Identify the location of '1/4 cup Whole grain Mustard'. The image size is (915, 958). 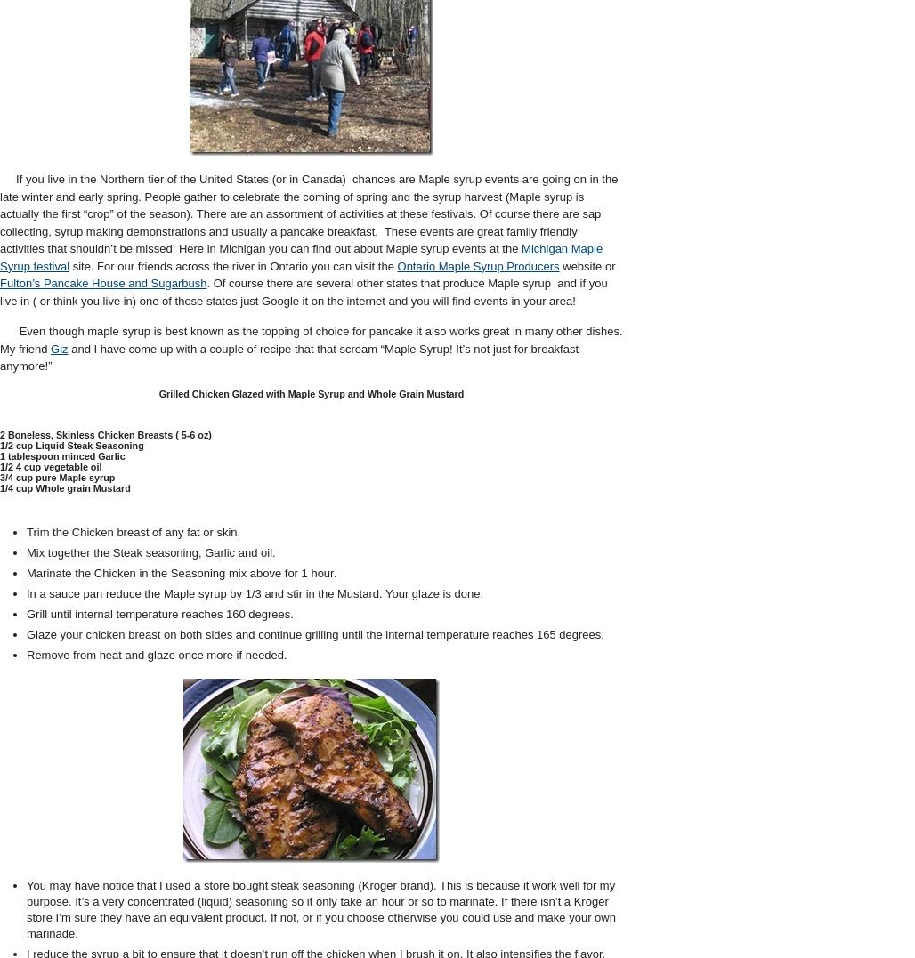
(63, 487).